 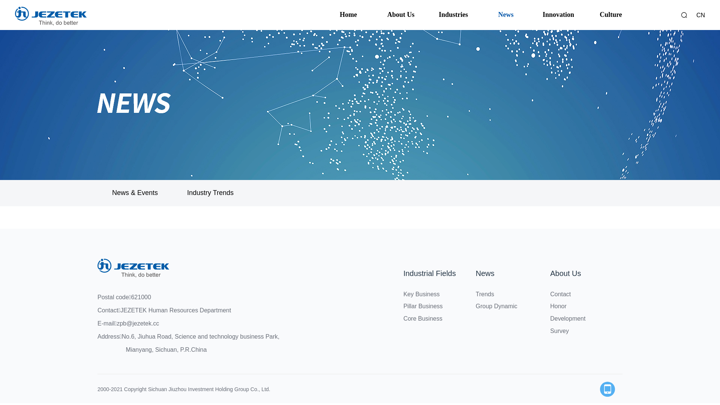 What do you see at coordinates (592, 15) in the screenshot?
I see `'Culture` at bounding box center [592, 15].